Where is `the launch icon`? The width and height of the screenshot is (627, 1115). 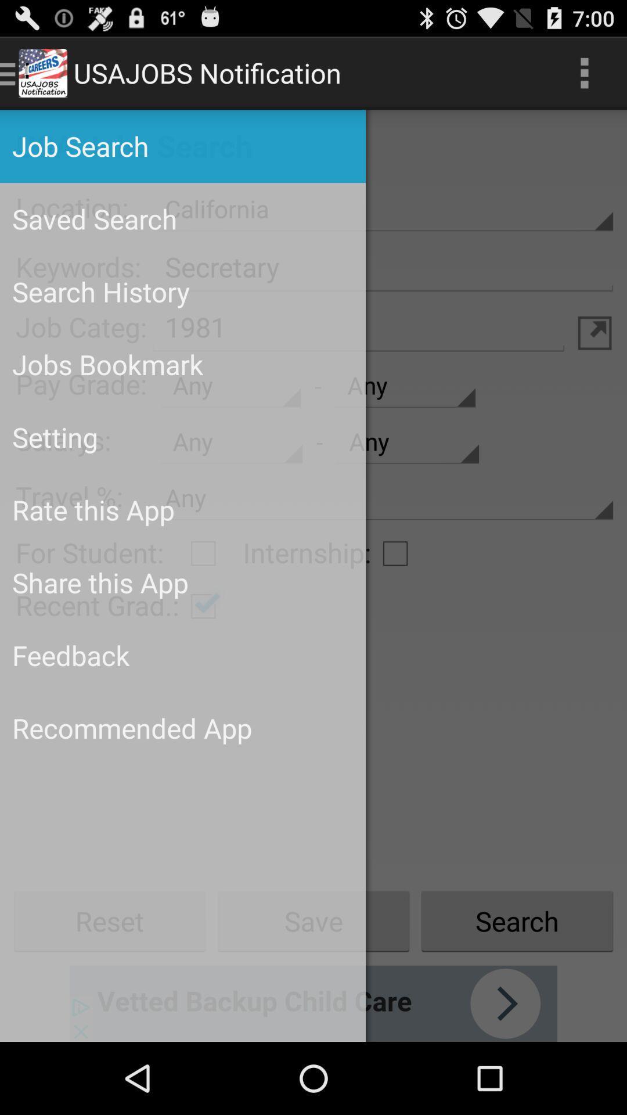
the launch icon is located at coordinates (594, 356).